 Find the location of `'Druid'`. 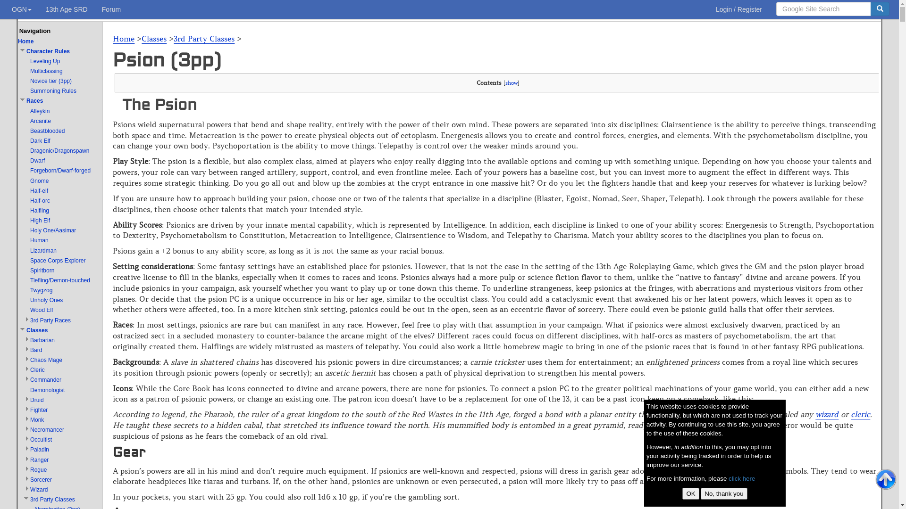

'Druid' is located at coordinates (37, 400).